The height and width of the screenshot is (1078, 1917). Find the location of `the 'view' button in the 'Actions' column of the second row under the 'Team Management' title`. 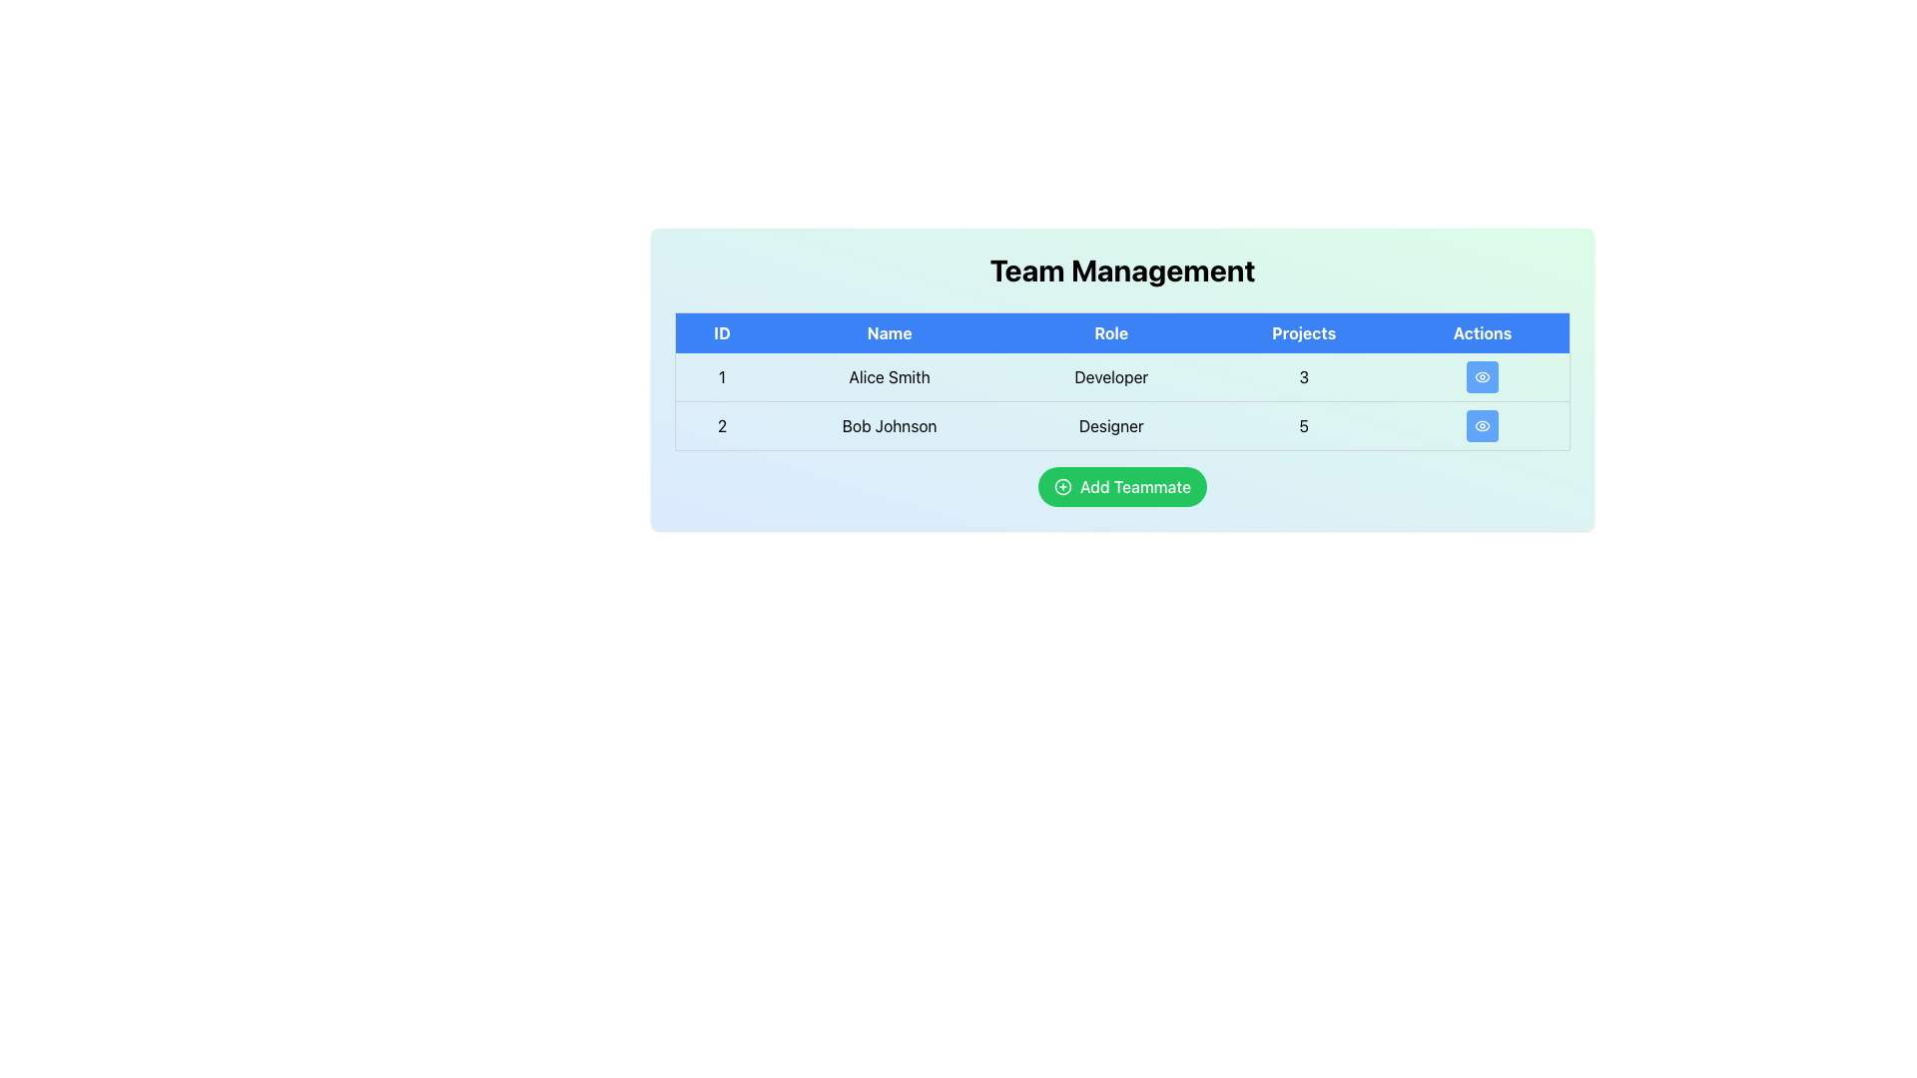

the 'view' button in the 'Actions' column of the second row under the 'Team Management' title is located at coordinates (1483, 425).